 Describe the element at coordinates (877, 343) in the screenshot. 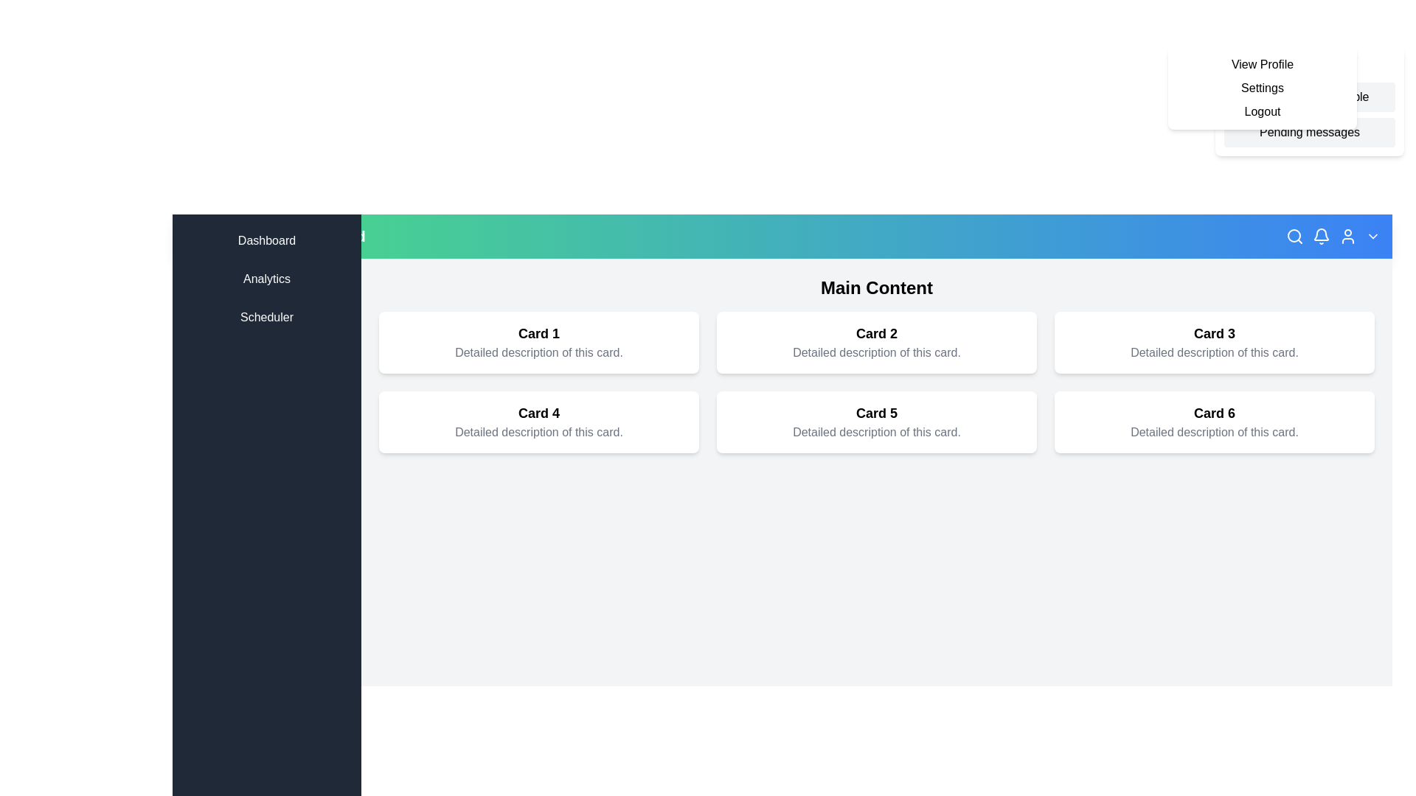

I see `the Informational card component titled 'Card 2', which is a white rectangular card with rounded corners and a shadow effect, located in the first row, middle column of the grid layout` at that location.